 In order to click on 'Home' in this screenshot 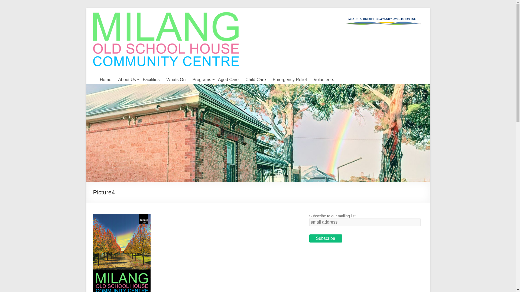, I will do `click(100, 79)`.